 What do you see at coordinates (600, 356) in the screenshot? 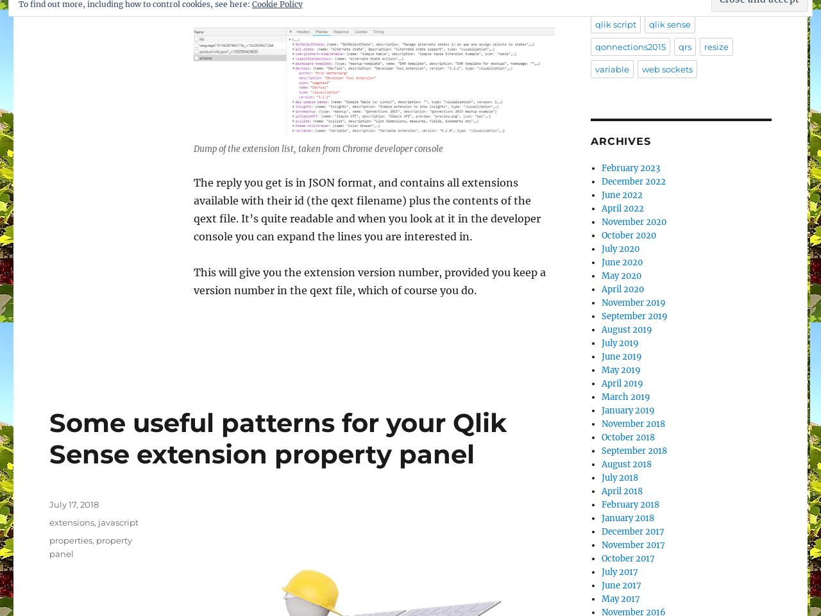
I see `'June 2019'` at bounding box center [600, 356].